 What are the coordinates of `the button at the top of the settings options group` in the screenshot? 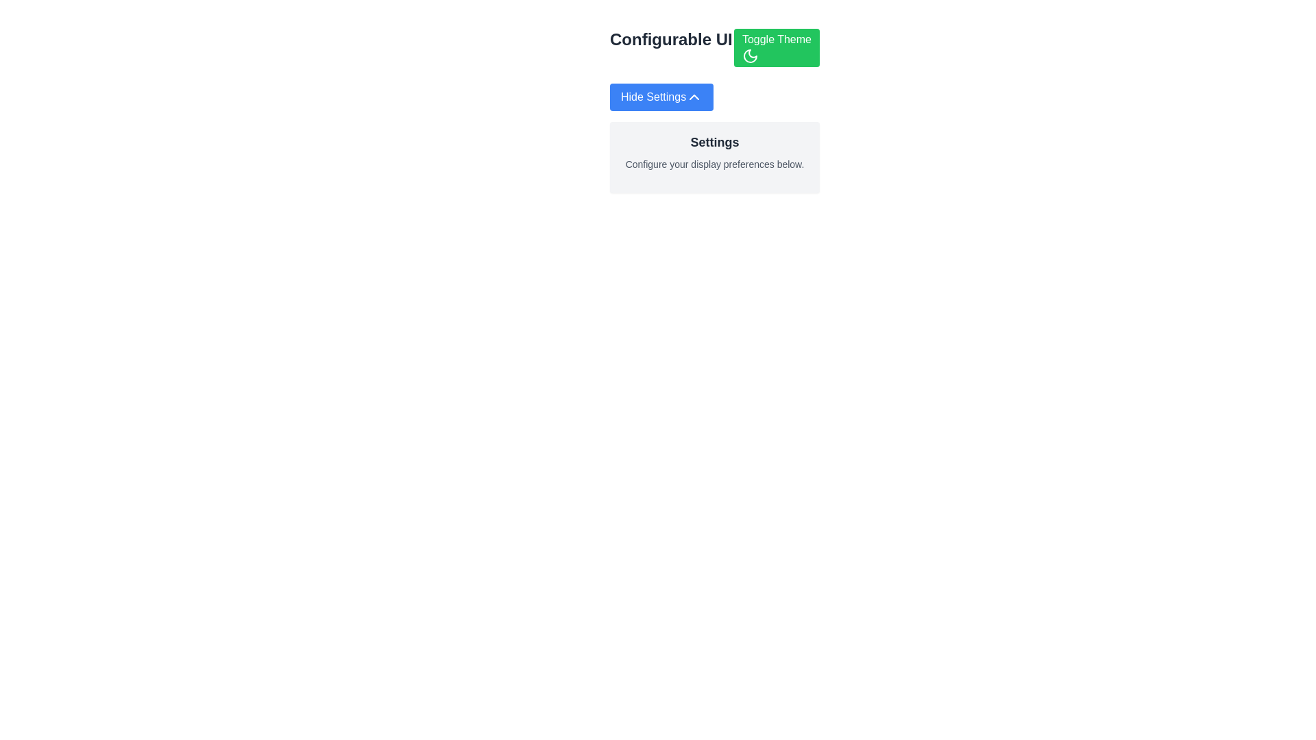 It's located at (661, 97).